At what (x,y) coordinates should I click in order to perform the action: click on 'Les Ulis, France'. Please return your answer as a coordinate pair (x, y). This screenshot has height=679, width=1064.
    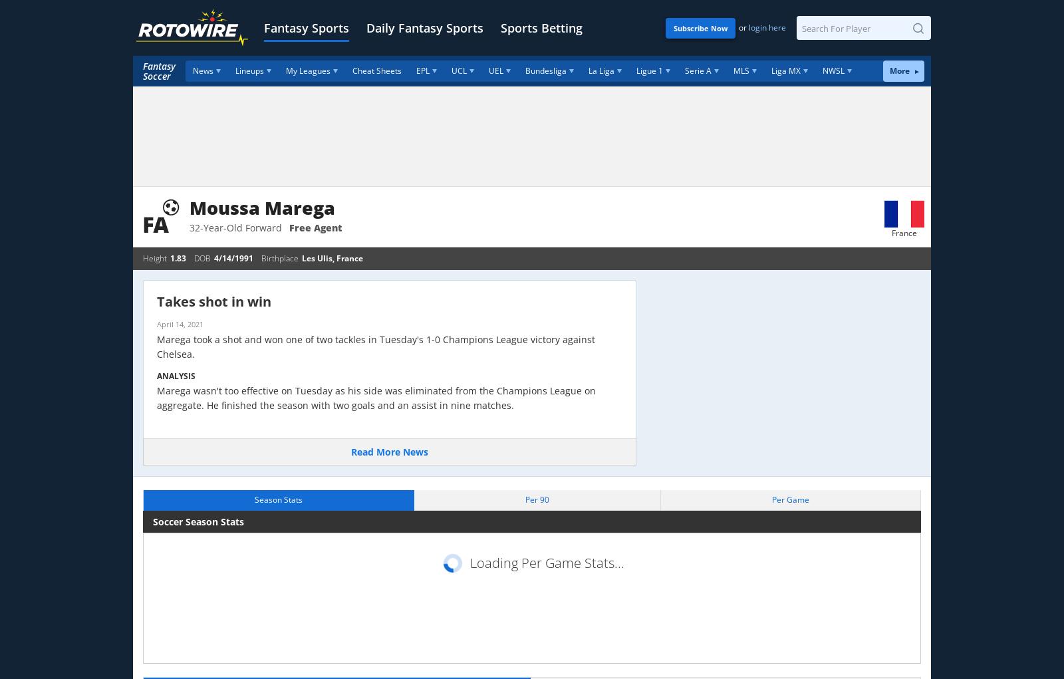
    Looking at the image, I should click on (301, 258).